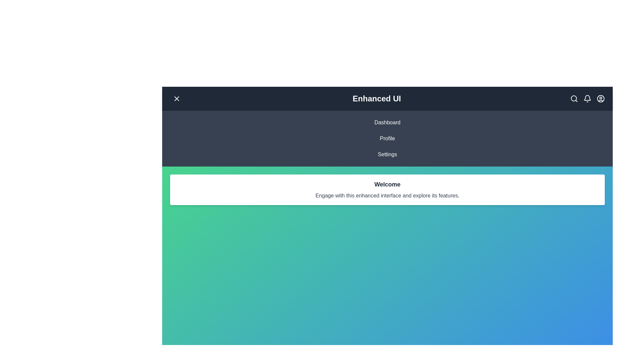 Image resolution: width=638 pixels, height=359 pixels. Describe the element at coordinates (574, 99) in the screenshot. I see `the 'Search' icon to initiate a search` at that location.